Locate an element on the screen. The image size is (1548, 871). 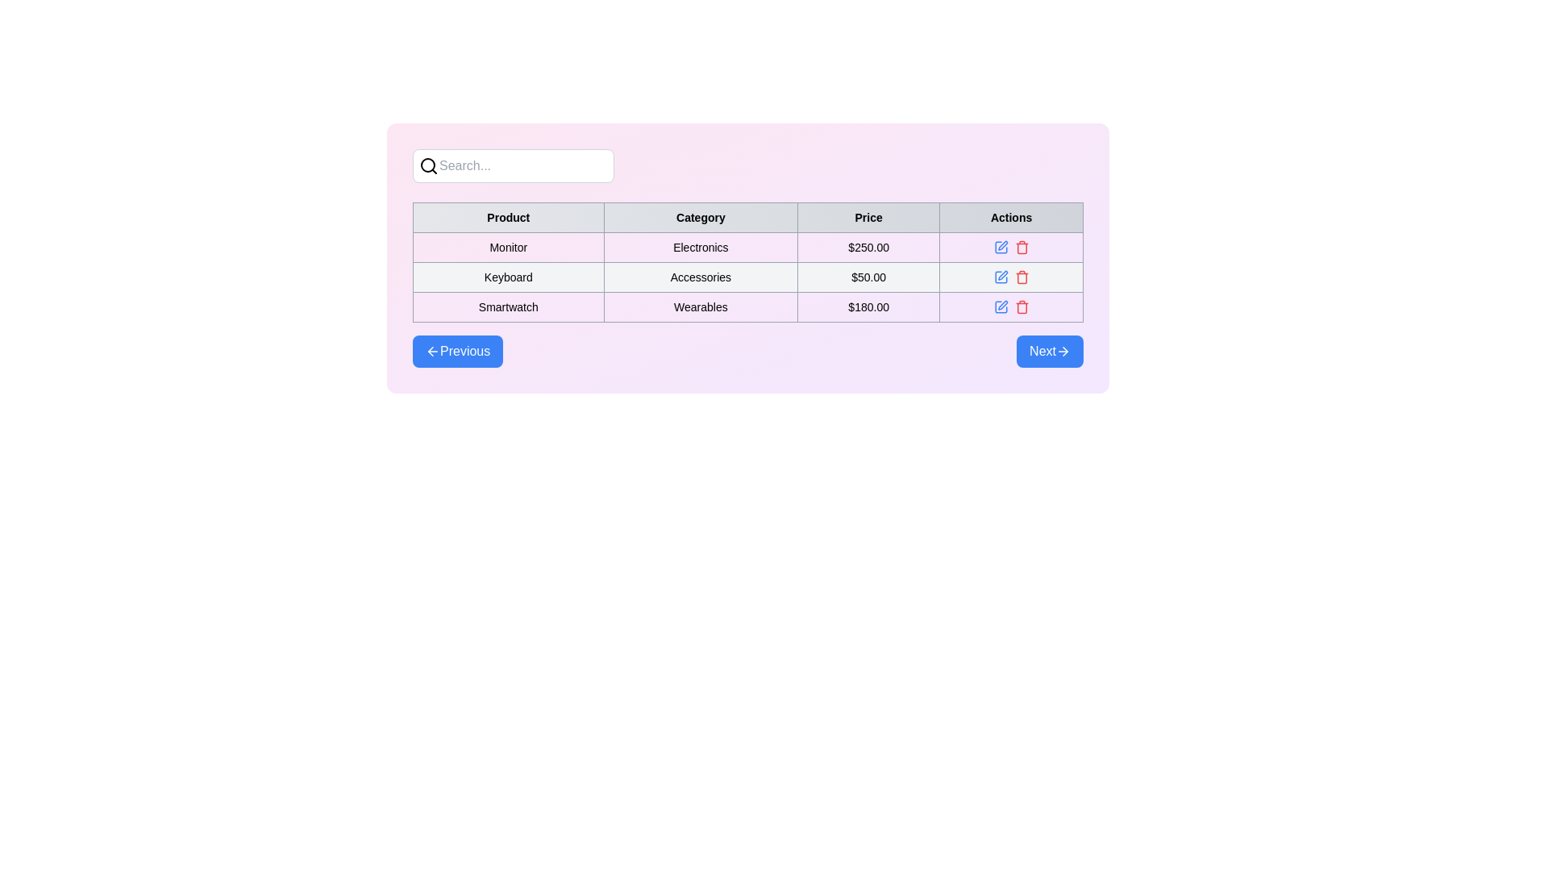
the delete button located in the first row under the 'Actions' column of the table, which is part of a group of action buttons for editing or deleting items is located at coordinates (1010, 248).